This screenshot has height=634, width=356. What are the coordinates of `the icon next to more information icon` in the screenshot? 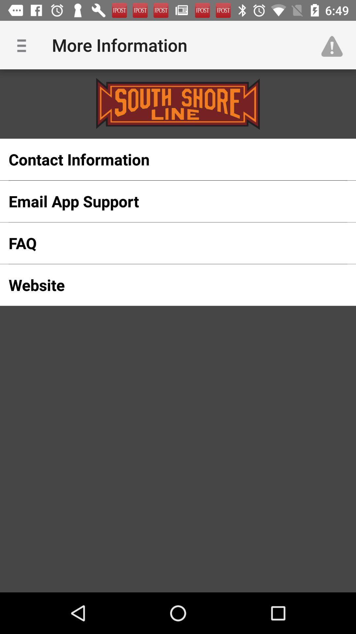 It's located at (335, 45).